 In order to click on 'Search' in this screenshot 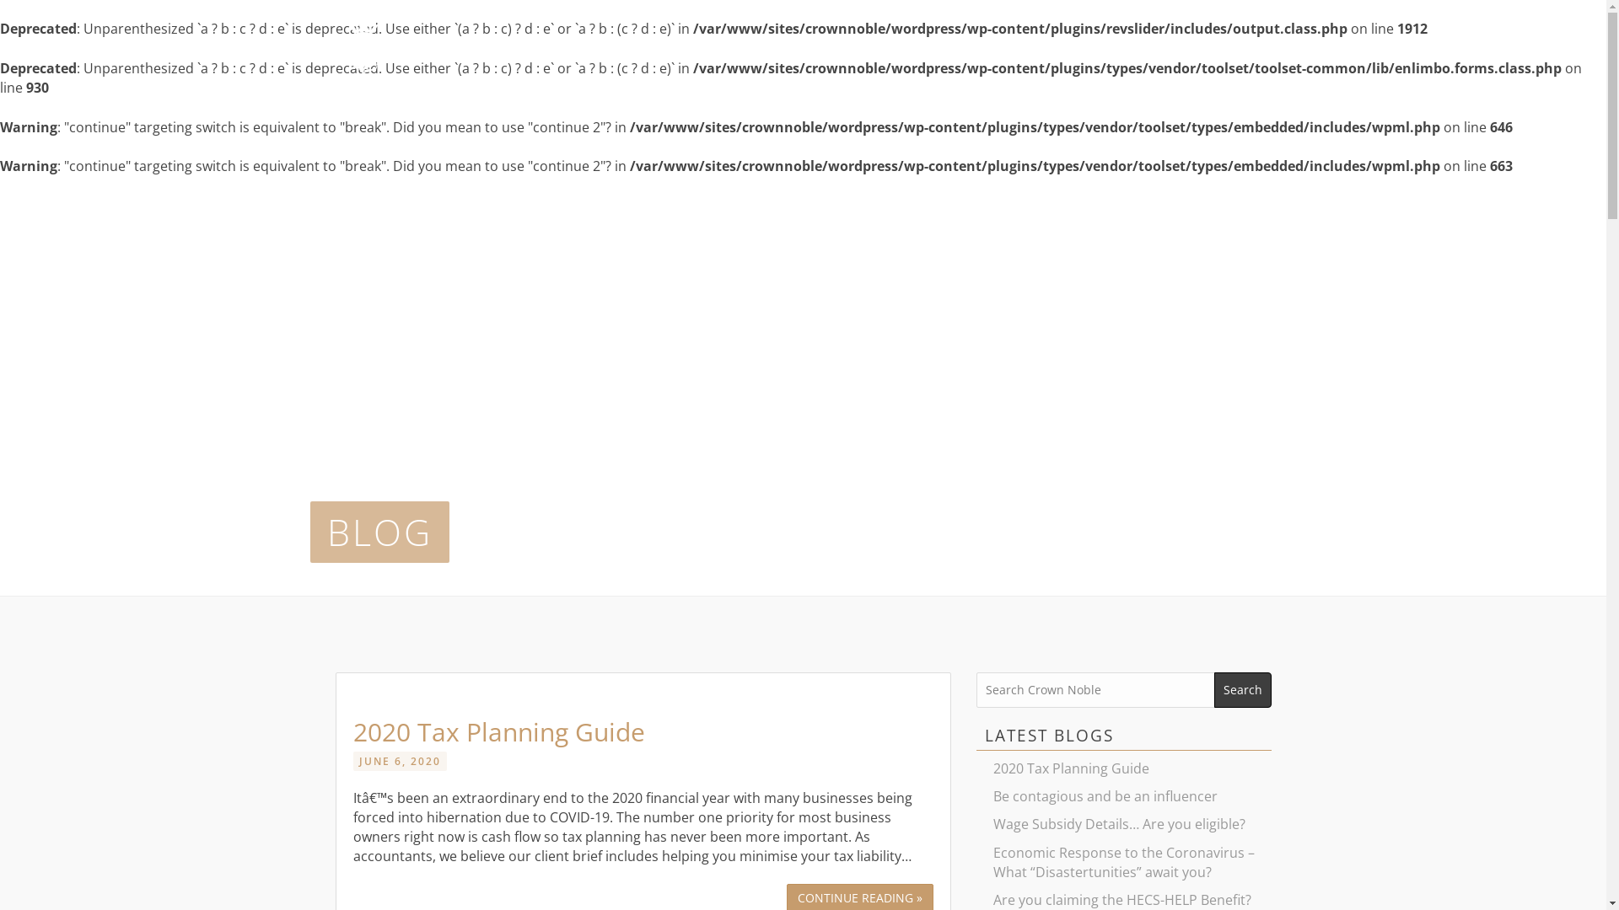, I will do `click(1242, 689)`.